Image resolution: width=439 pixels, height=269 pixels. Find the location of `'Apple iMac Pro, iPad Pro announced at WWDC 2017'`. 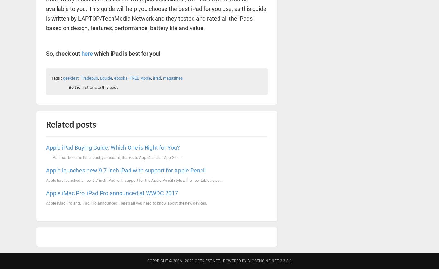

'Apple iMac Pro, iPad Pro announced at WWDC 2017' is located at coordinates (112, 192).